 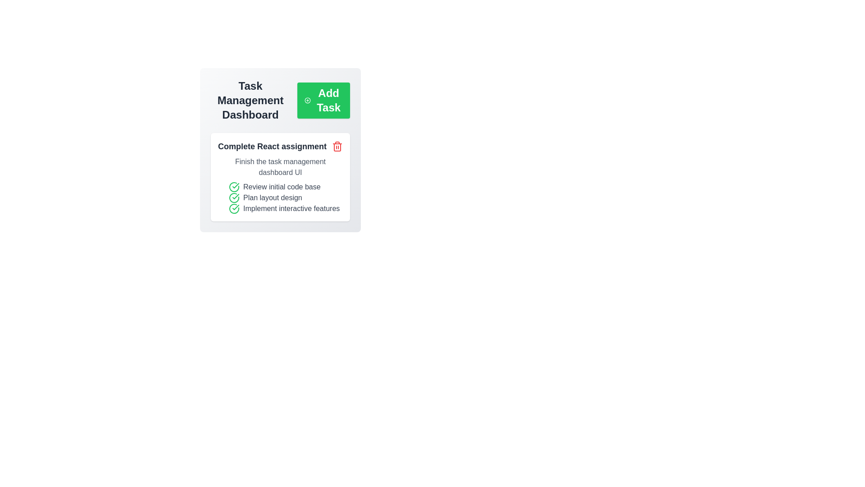 What do you see at coordinates (236, 185) in the screenshot?
I see `the Checkmark icon indicating the completion of the 'Plan layout design' task, which is the second icon in the sequence of task statuses` at bounding box center [236, 185].